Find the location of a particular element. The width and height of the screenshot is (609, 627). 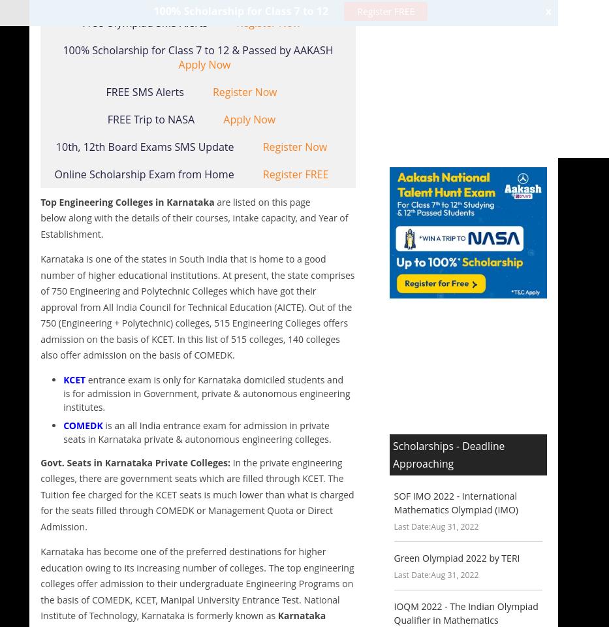

'are listed on this page below along with the details of their courses, intake capacity, and Year of Establishment.' is located at coordinates (194, 217).